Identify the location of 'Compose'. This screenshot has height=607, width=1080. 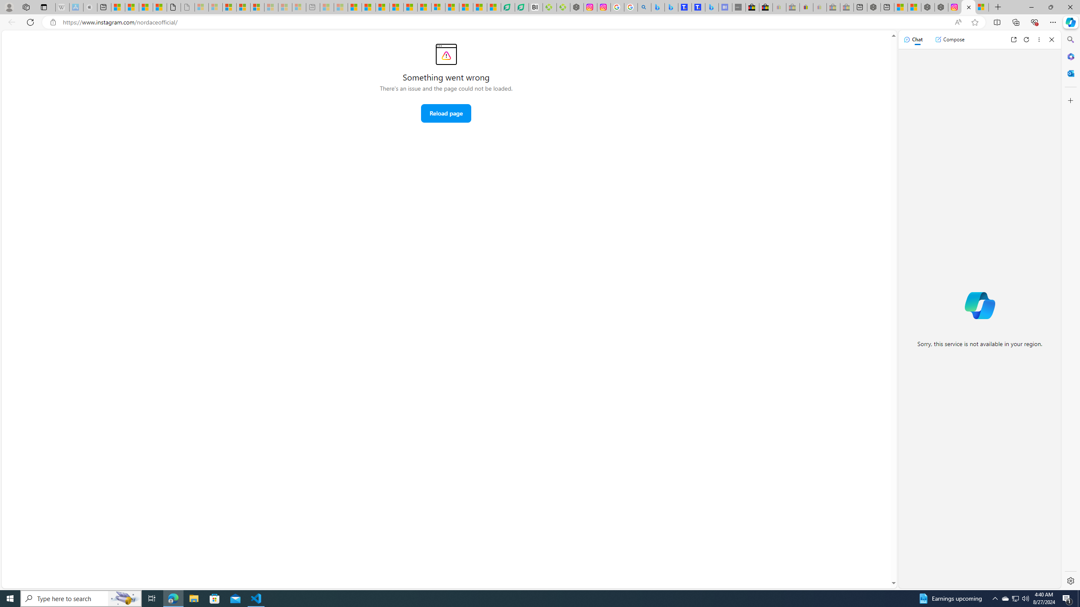
(949, 39).